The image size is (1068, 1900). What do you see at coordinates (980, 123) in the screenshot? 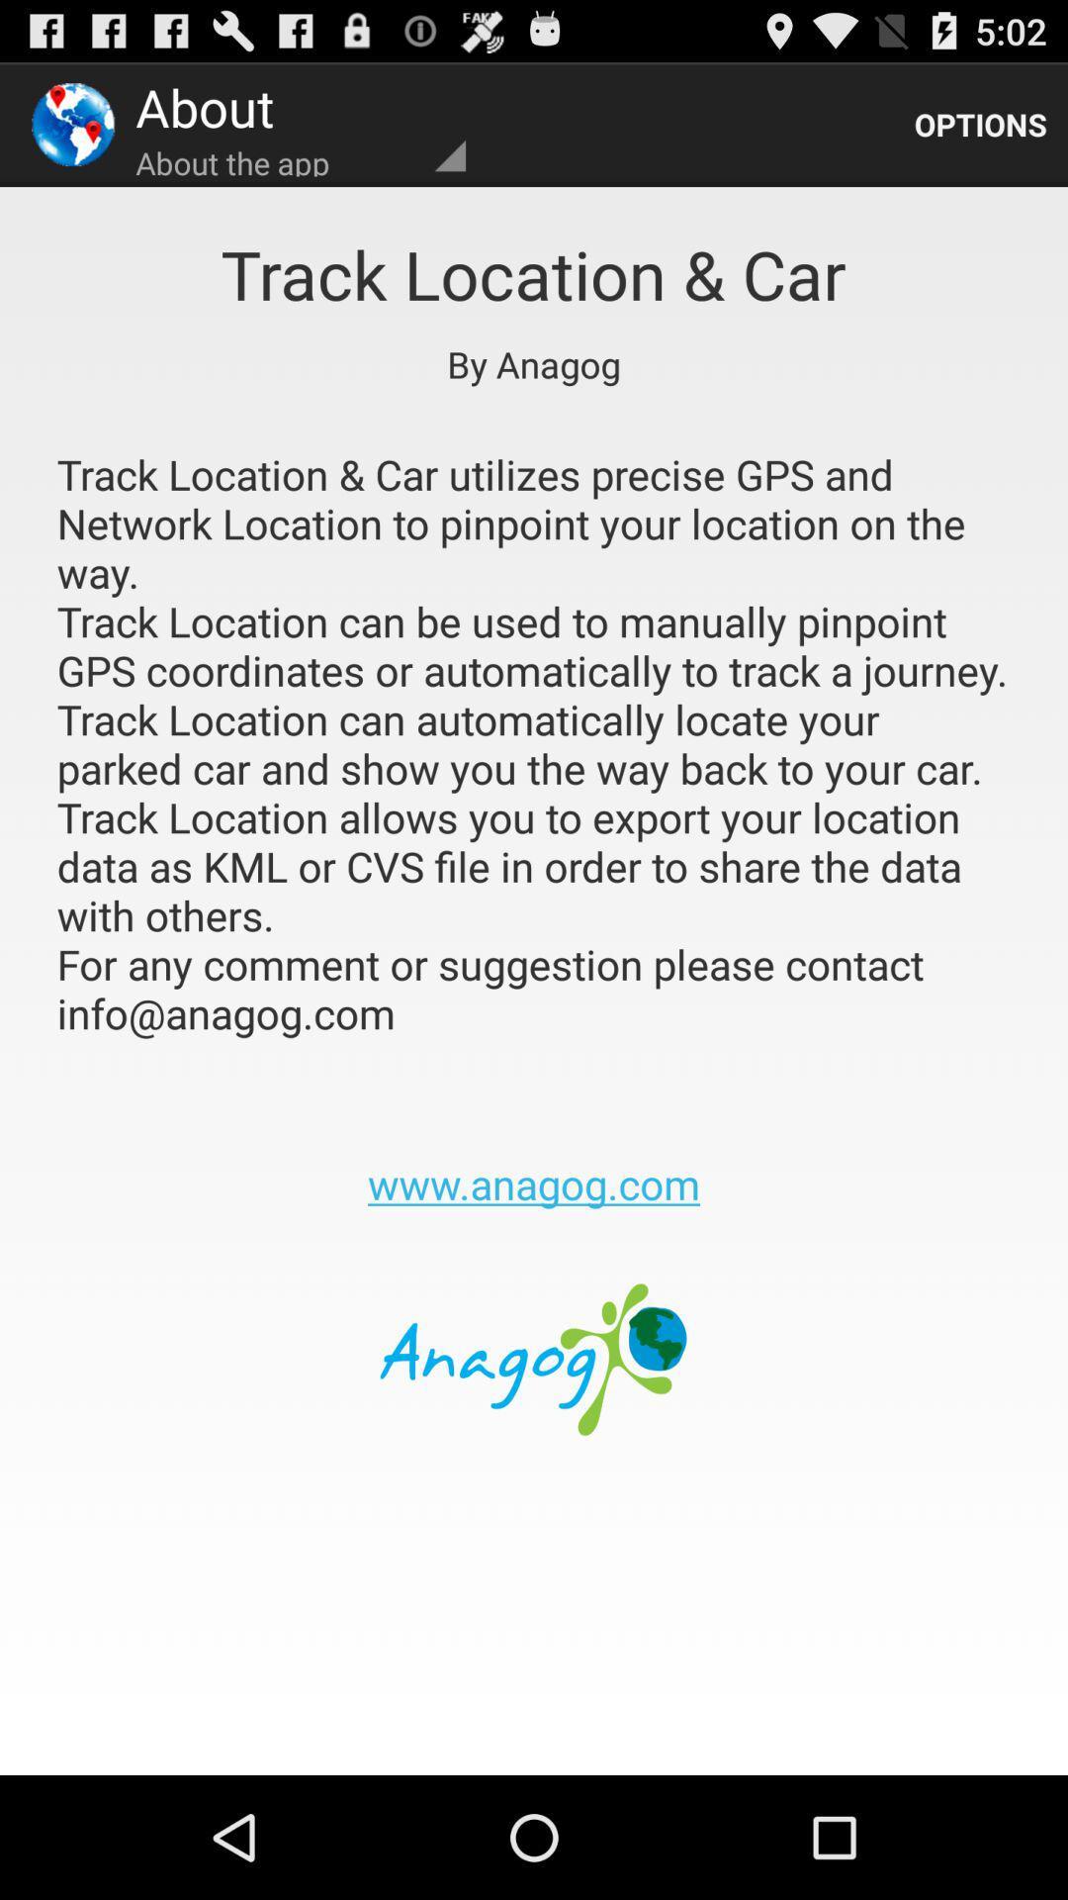
I see `the options item` at bounding box center [980, 123].